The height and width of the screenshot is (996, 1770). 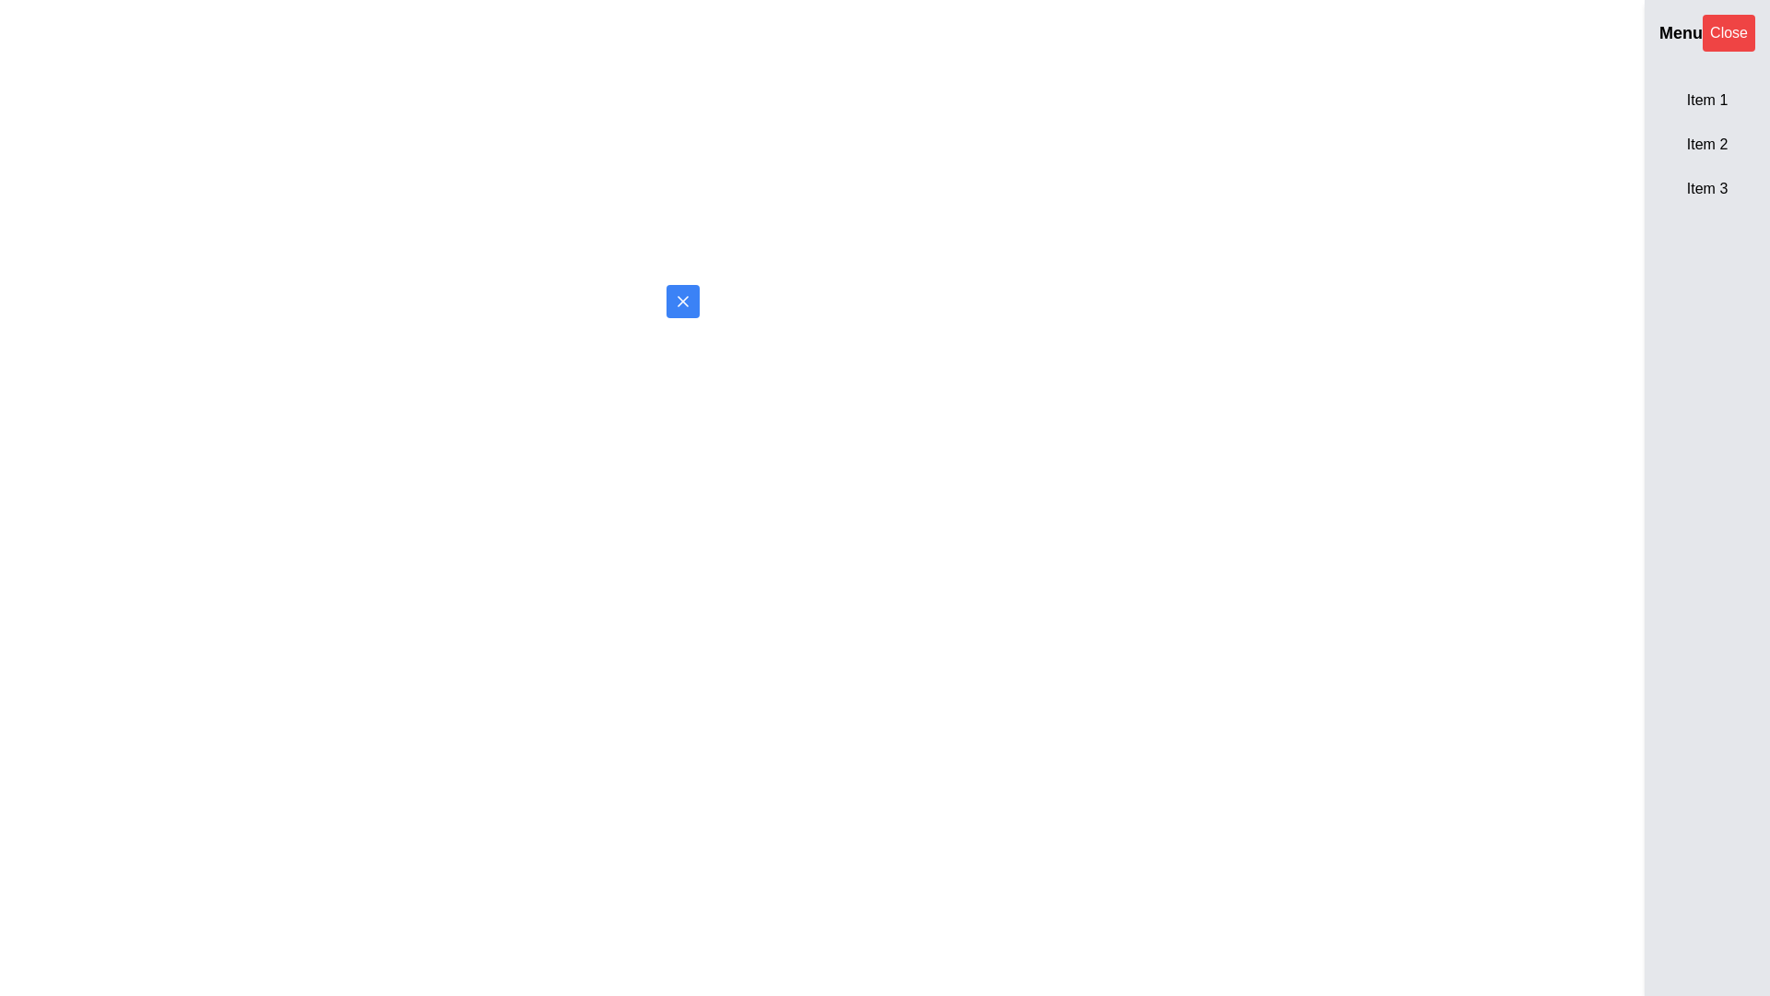 I want to click on the 'Item 1' button located in the sidebar beneath the 'Menu' heading, so click(x=1706, y=100).